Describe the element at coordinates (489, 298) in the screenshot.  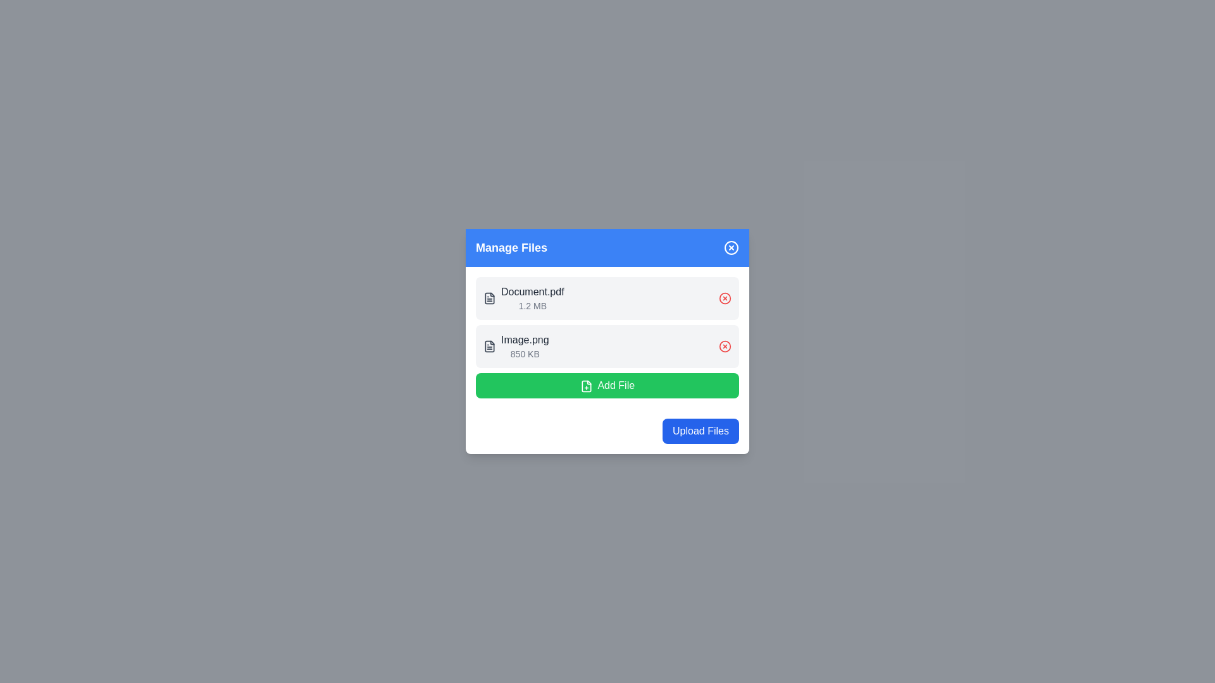
I see `the SVG icon representing the file type for 'Document.pdf' located in the file list row` at that location.